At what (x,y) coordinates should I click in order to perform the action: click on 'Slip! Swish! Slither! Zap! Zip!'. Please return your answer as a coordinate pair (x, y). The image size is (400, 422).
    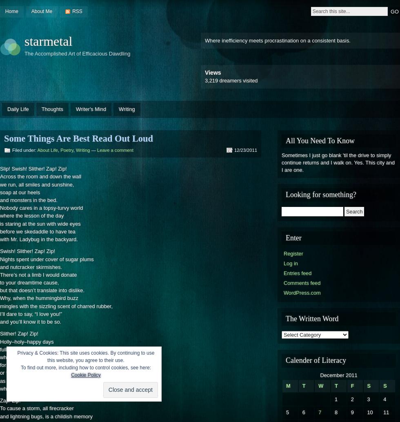
    Looking at the image, I should click on (33, 168).